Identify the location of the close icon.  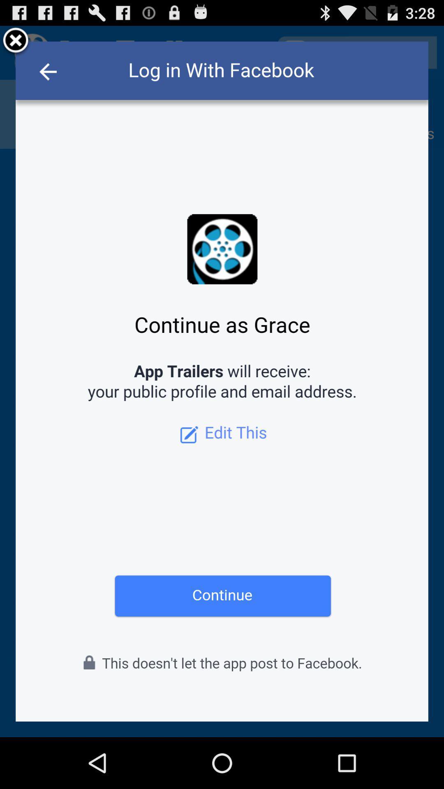
(16, 44).